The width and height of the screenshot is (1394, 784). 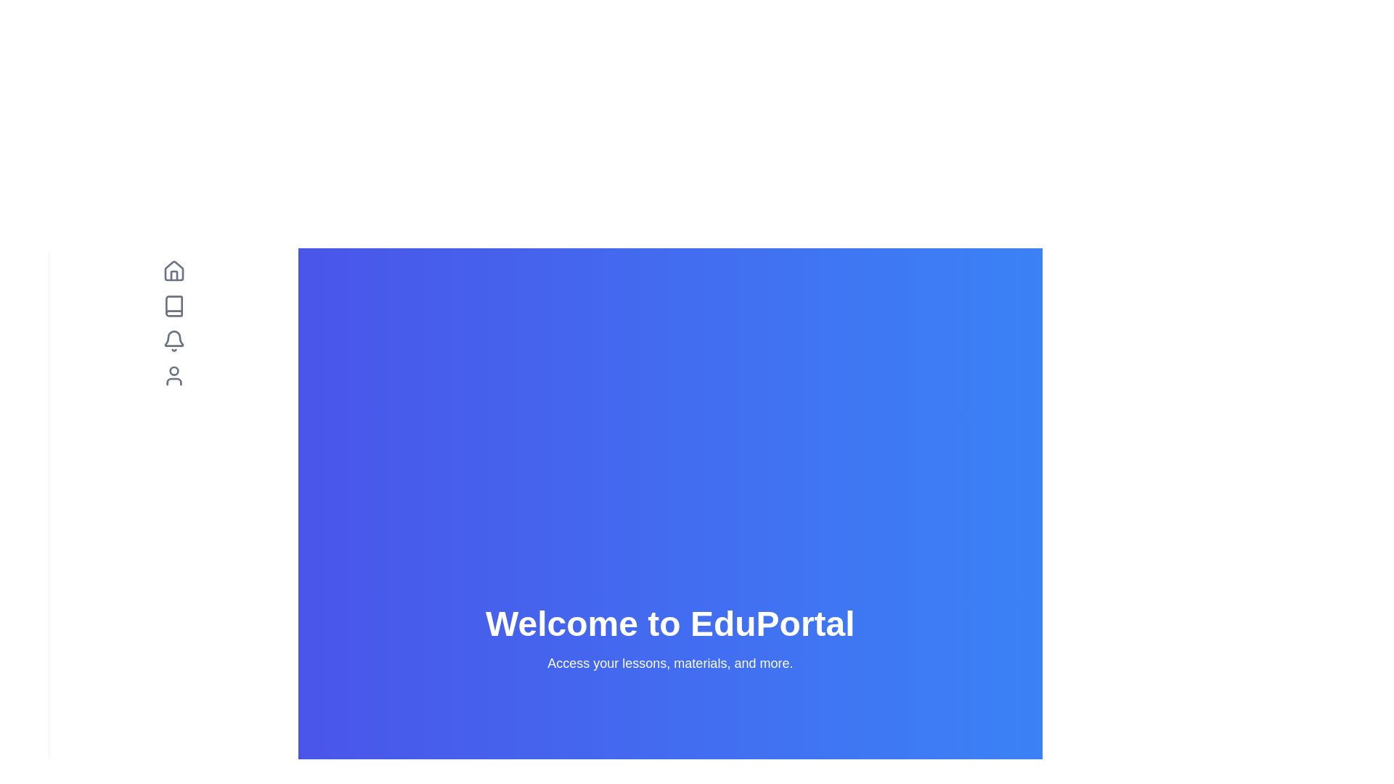 What do you see at coordinates (174, 305) in the screenshot?
I see `the book navigation icon` at bounding box center [174, 305].